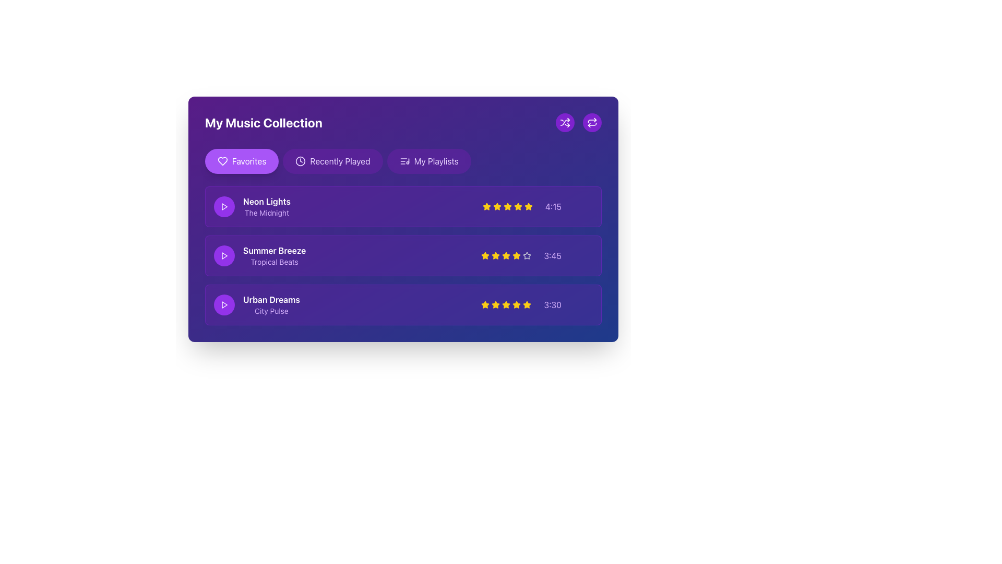 Image resolution: width=1002 pixels, height=564 pixels. What do you see at coordinates (592, 122) in the screenshot?
I see `the circular button with a vibrant purple background and a white refresh icon located in the top-right corner of the panel` at bounding box center [592, 122].